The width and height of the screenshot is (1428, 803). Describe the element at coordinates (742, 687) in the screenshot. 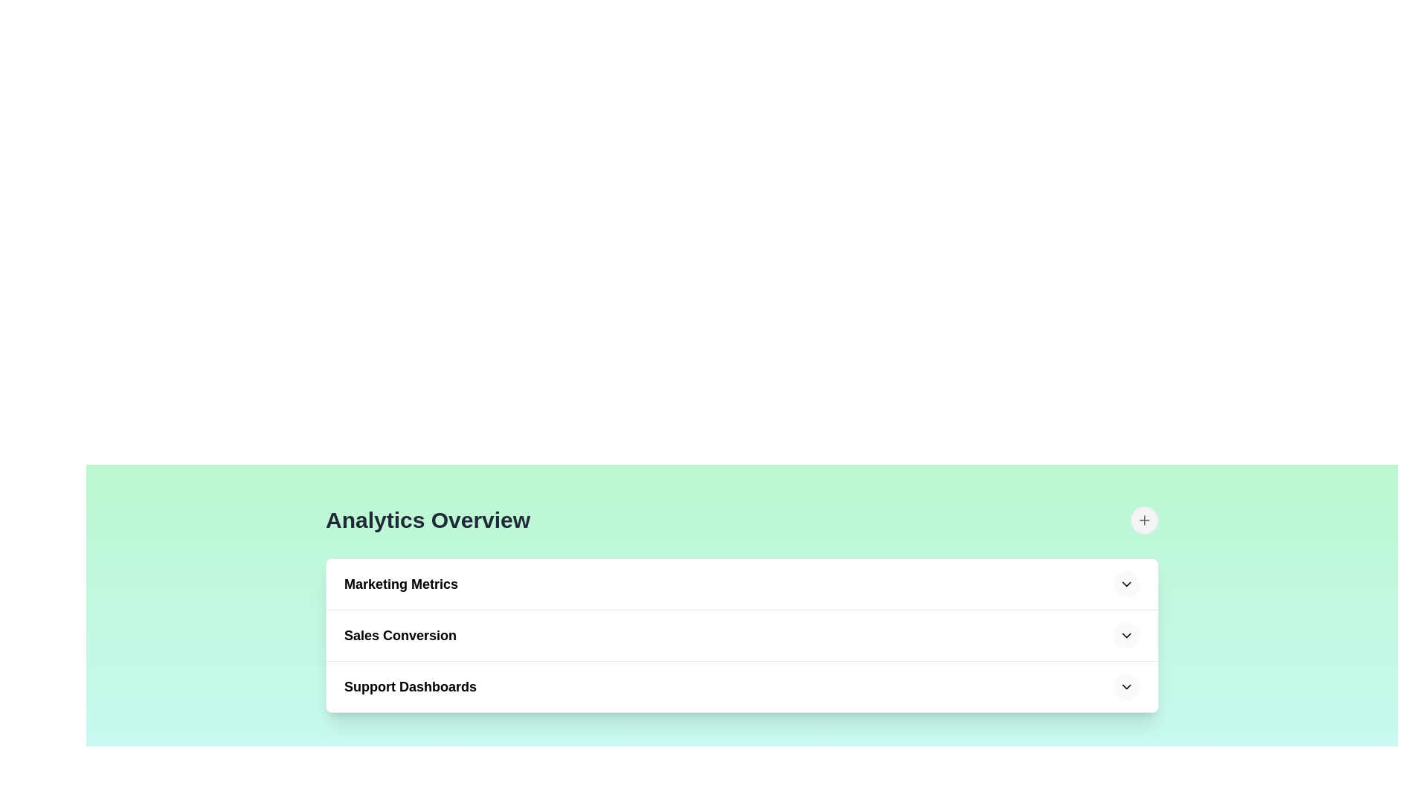

I see `the 'Support Dashboards' menu item in the 'Analytics Overview' section` at that location.